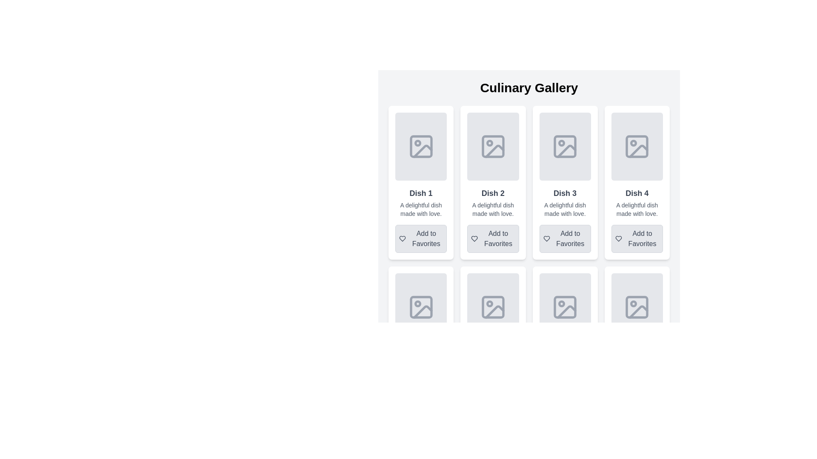  Describe the element at coordinates (634, 303) in the screenshot. I see `the small circular dot located in the lower-right corner of the fifth image grid item in the interface layout` at that location.